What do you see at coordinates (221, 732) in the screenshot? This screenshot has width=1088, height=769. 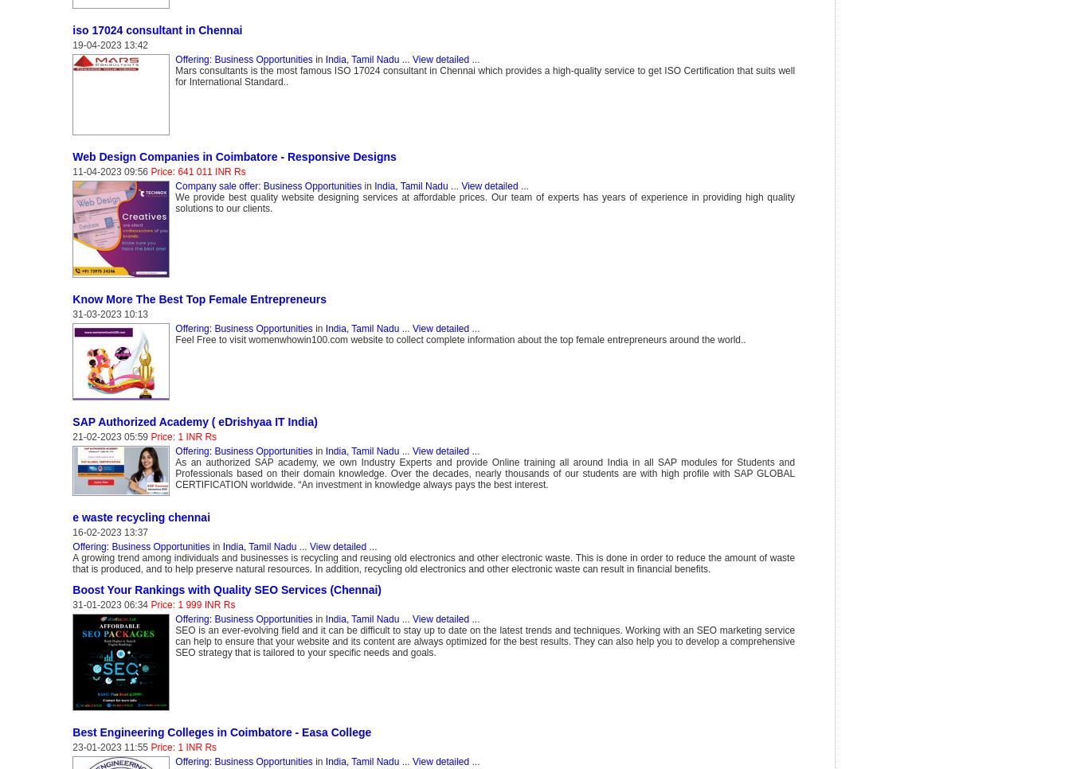 I see `'Best Engineering Colleges in Coimbatore - Easa College'` at bounding box center [221, 732].